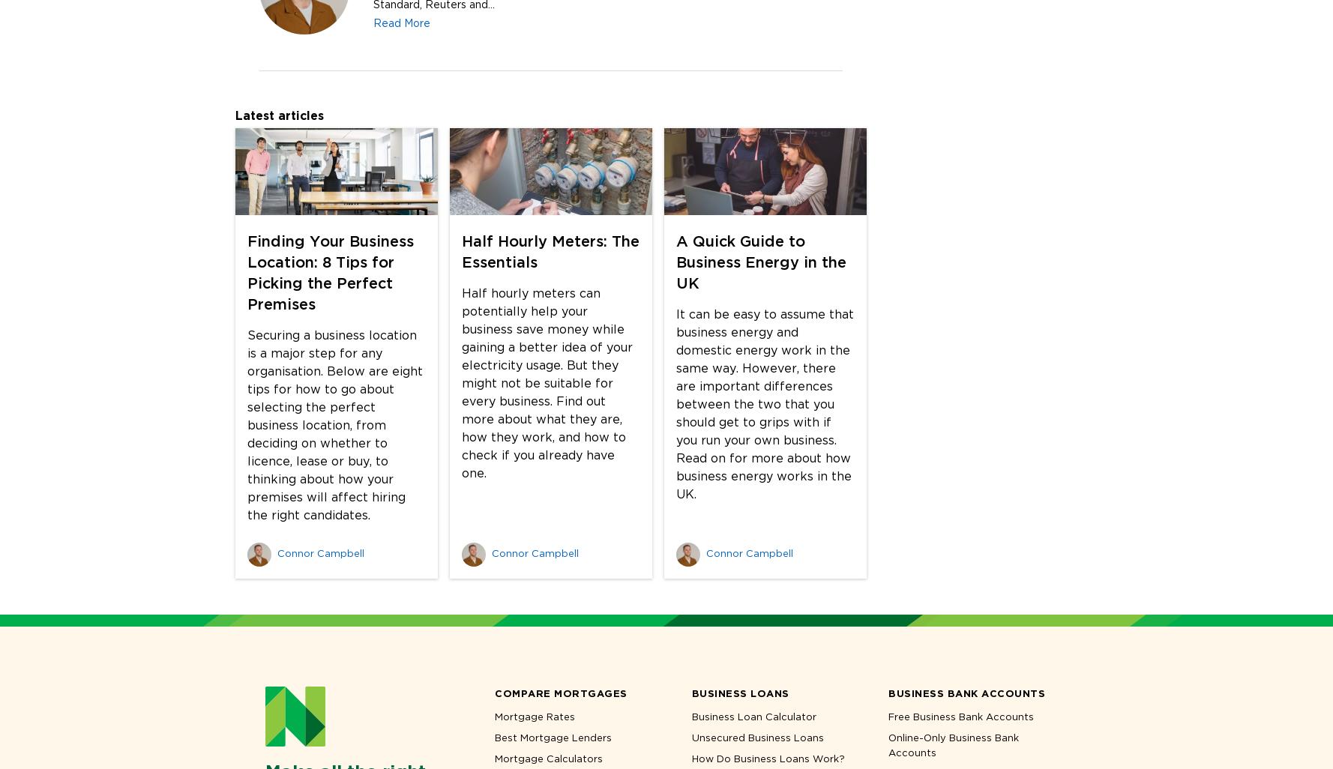  I want to click on 'How Do Business Loans Work?', so click(767, 757).